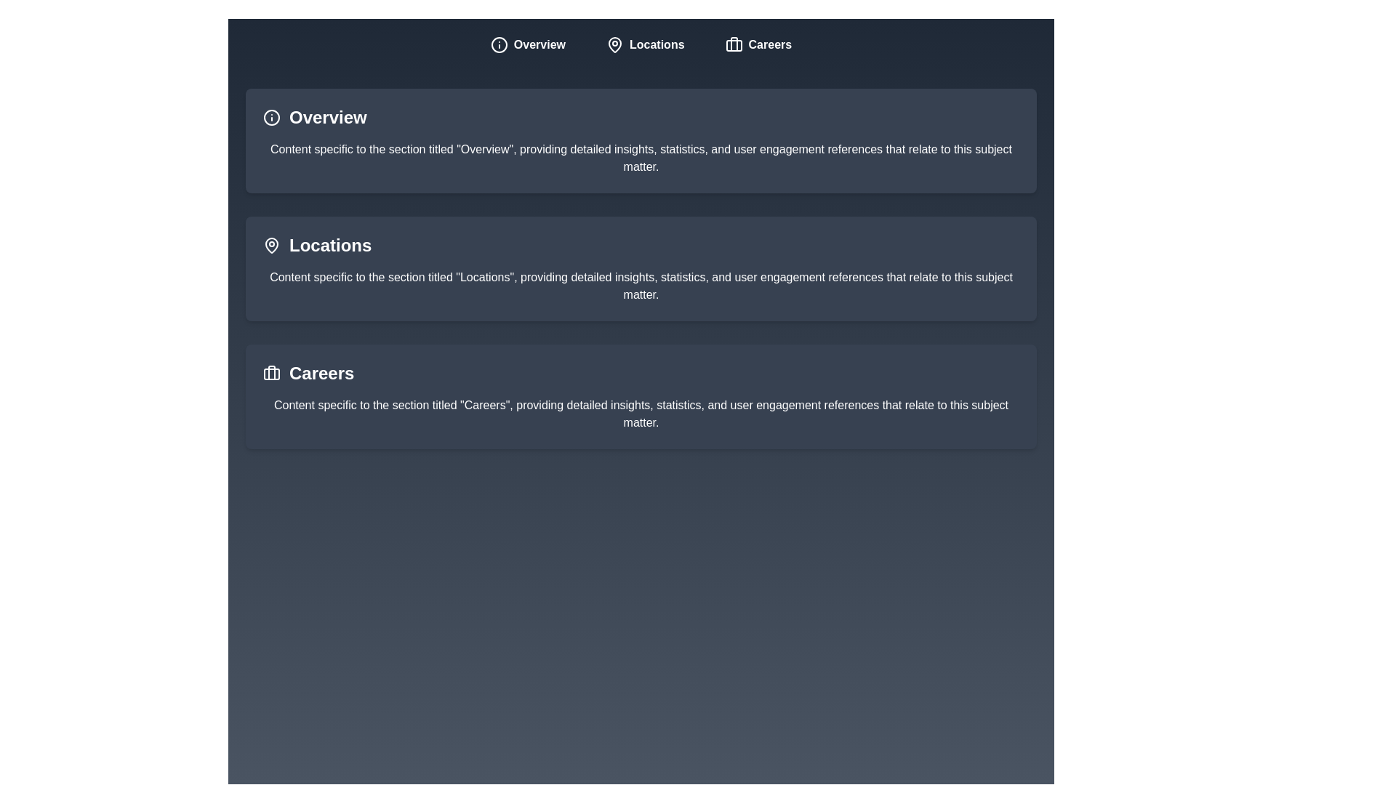 This screenshot has height=785, width=1396. Describe the element at coordinates (329, 245) in the screenshot. I see `the 'Locations' header text label` at that location.